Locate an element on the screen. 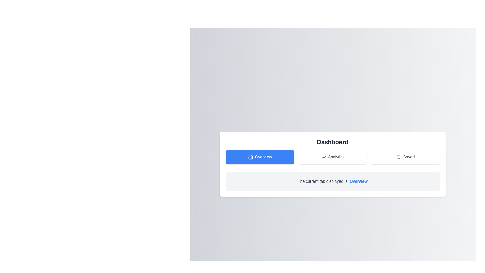 This screenshot has height=273, width=485. the house-shaped icon within the 'Overview' button located on the leftmost side of the button row near the top of the white card is located at coordinates (250, 157).